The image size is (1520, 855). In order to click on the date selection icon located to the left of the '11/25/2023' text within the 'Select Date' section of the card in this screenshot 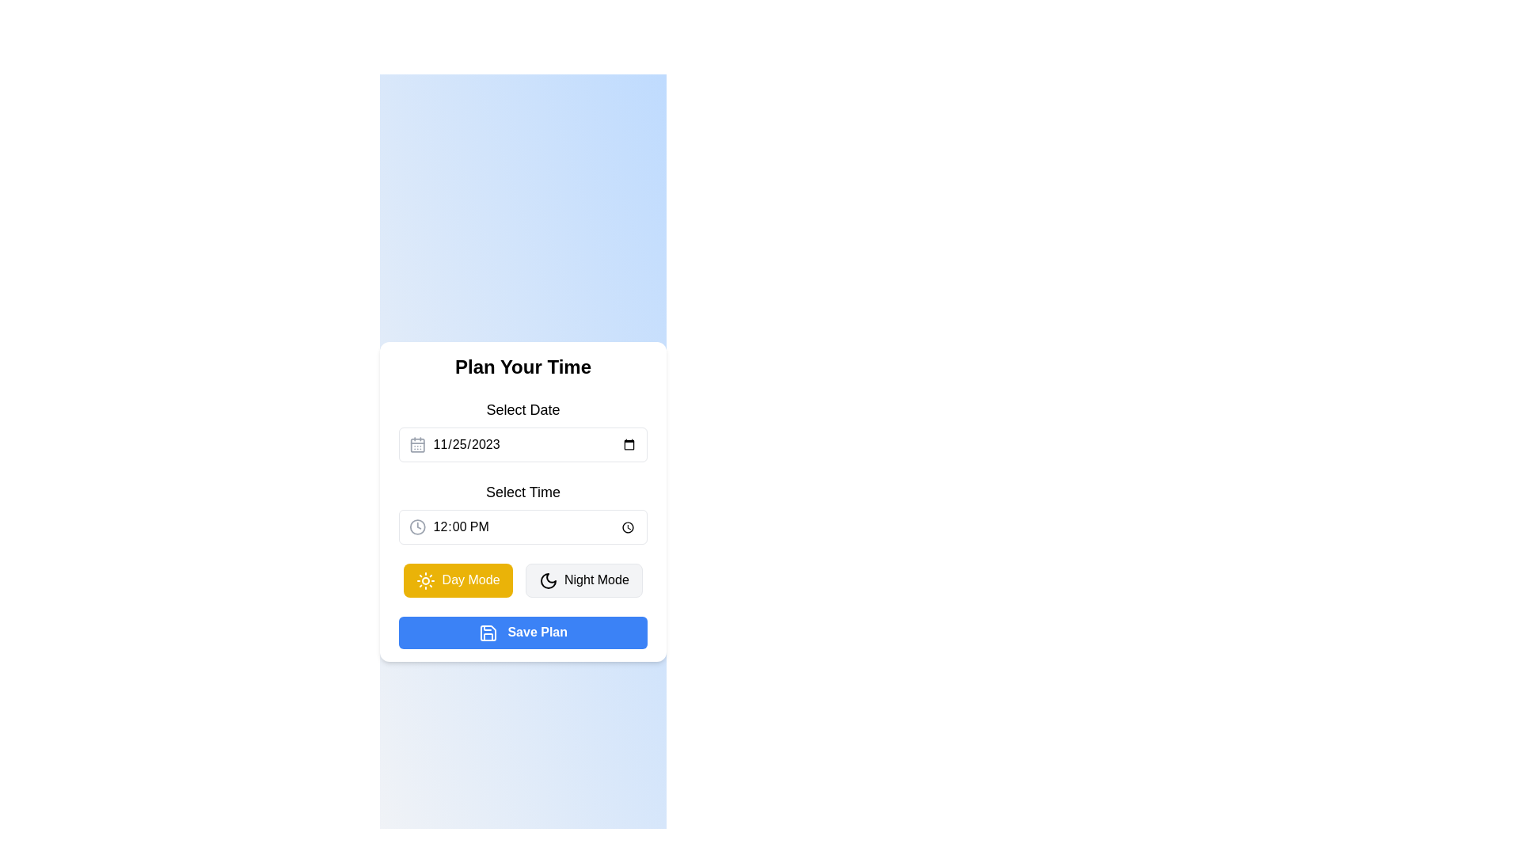, I will do `click(417, 445)`.